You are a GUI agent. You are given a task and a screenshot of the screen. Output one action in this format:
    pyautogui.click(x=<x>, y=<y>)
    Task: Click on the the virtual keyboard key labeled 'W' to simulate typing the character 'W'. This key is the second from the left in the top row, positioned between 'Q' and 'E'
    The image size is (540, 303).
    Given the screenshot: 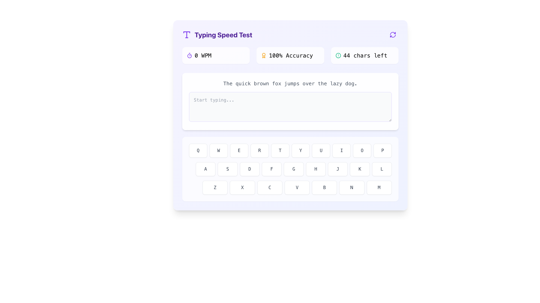 What is the action you would take?
    pyautogui.click(x=218, y=150)
    